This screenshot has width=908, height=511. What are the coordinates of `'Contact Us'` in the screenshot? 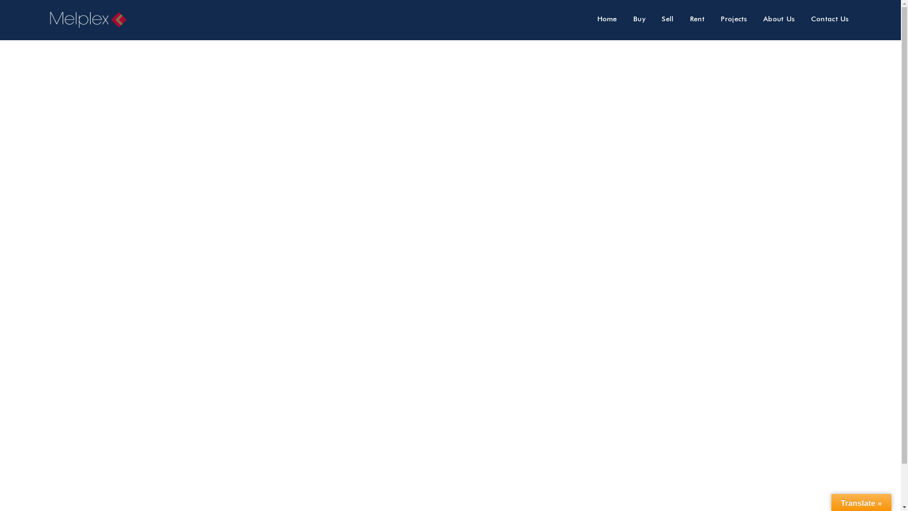 It's located at (829, 18).